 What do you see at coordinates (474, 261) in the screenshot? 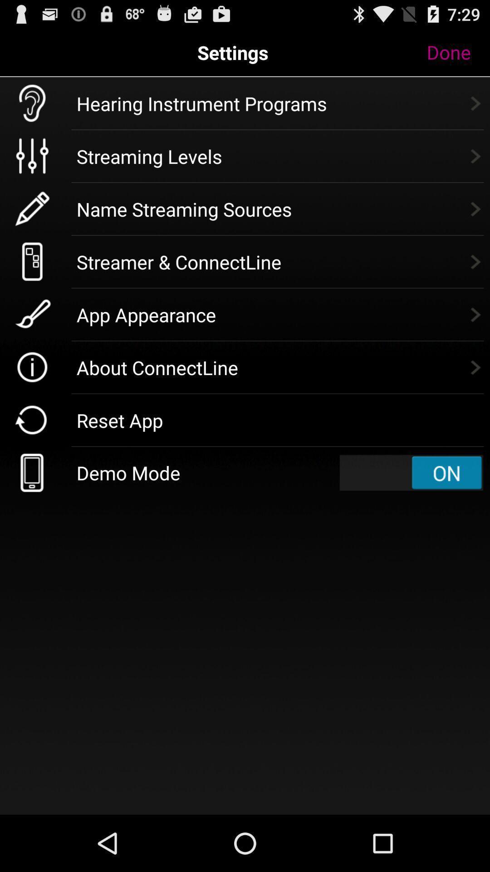
I see `the icon which is right to the text streamer  connectline` at bounding box center [474, 261].